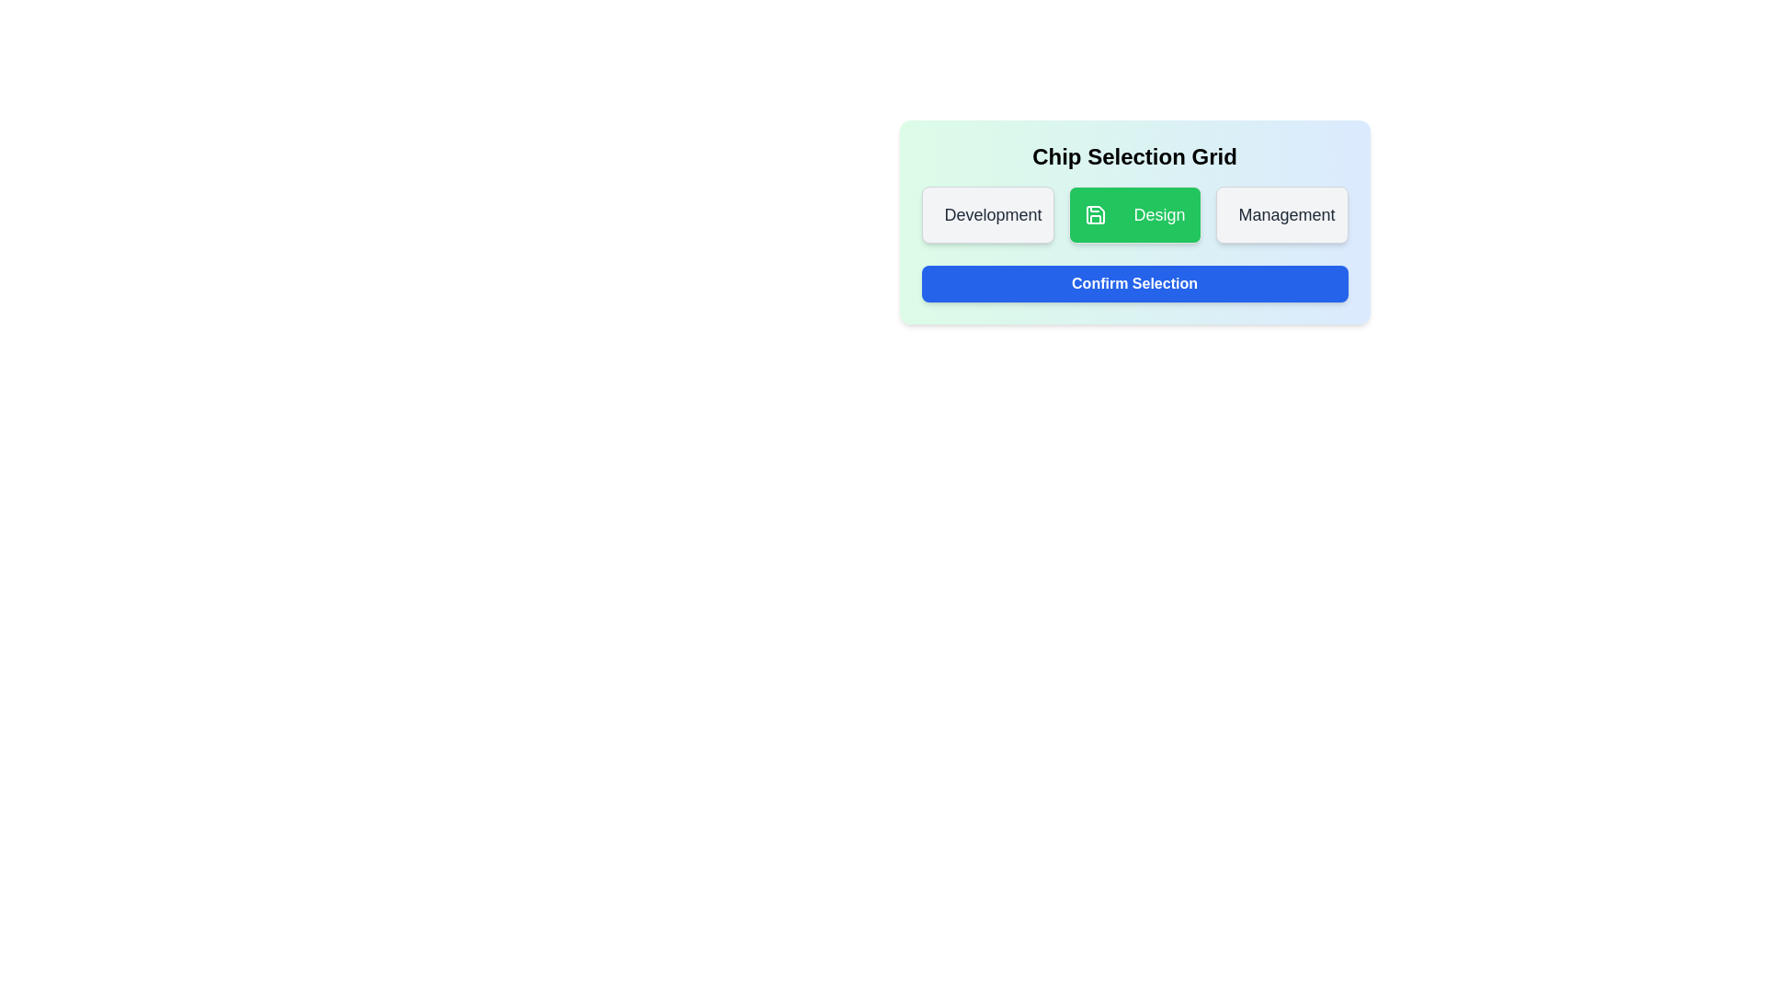 This screenshot has height=993, width=1765. What do you see at coordinates (1133, 214) in the screenshot?
I see `the chip labeled Design` at bounding box center [1133, 214].